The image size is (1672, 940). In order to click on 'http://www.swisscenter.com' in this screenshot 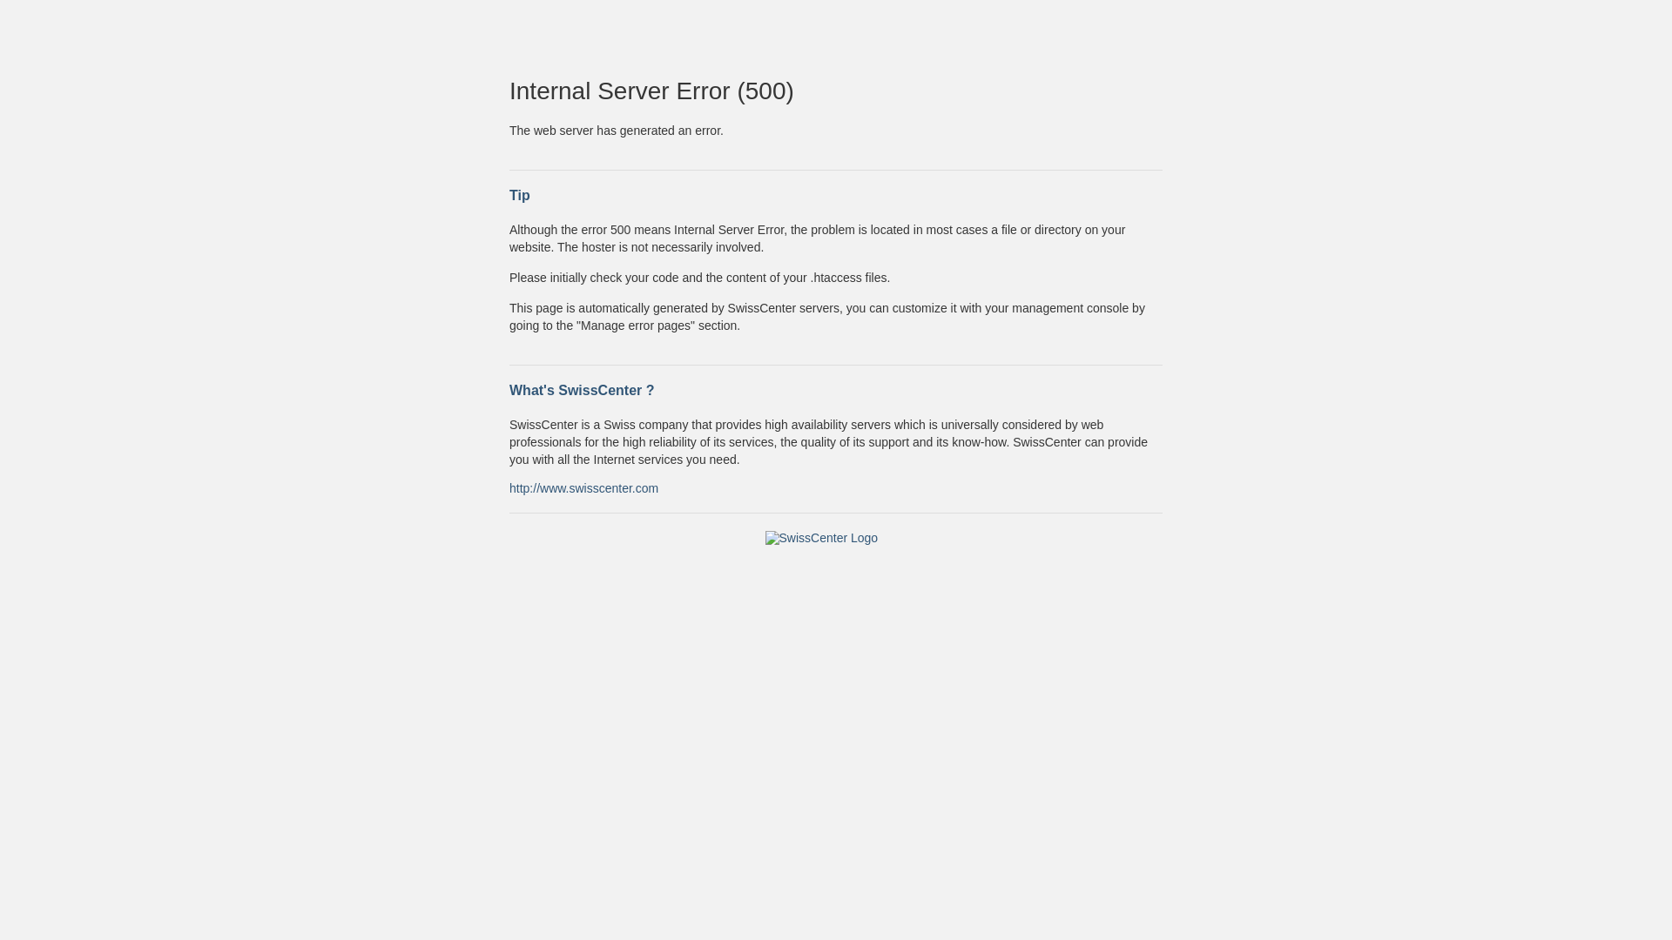, I will do `click(583, 487)`.